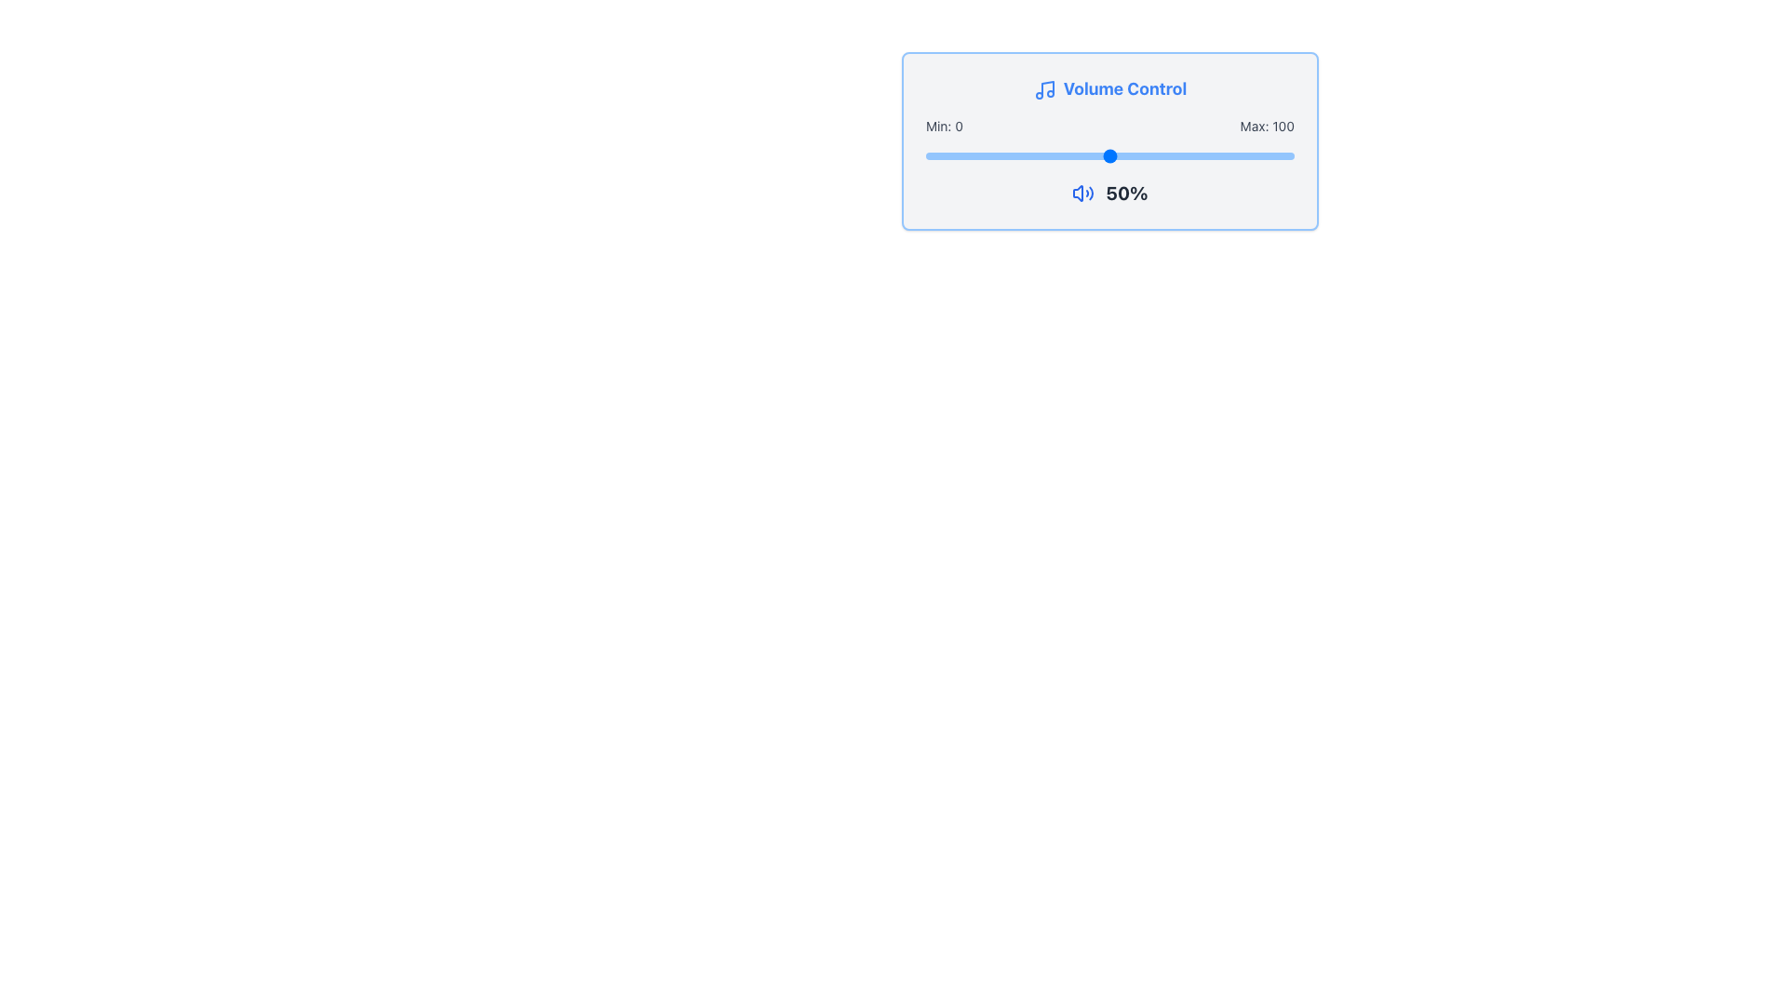 Image resolution: width=1787 pixels, height=1005 pixels. What do you see at coordinates (1149, 155) in the screenshot?
I see `the slider` at bounding box center [1149, 155].